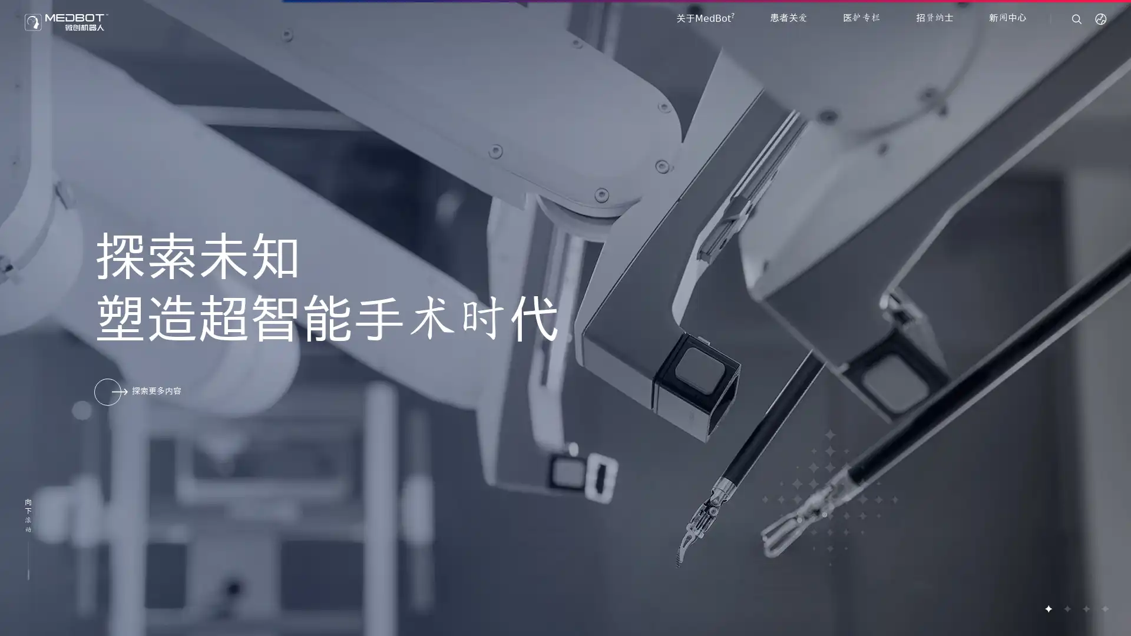 The width and height of the screenshot is (1131, 636). I want to click on Go to slide 3, so click(1085, 608).